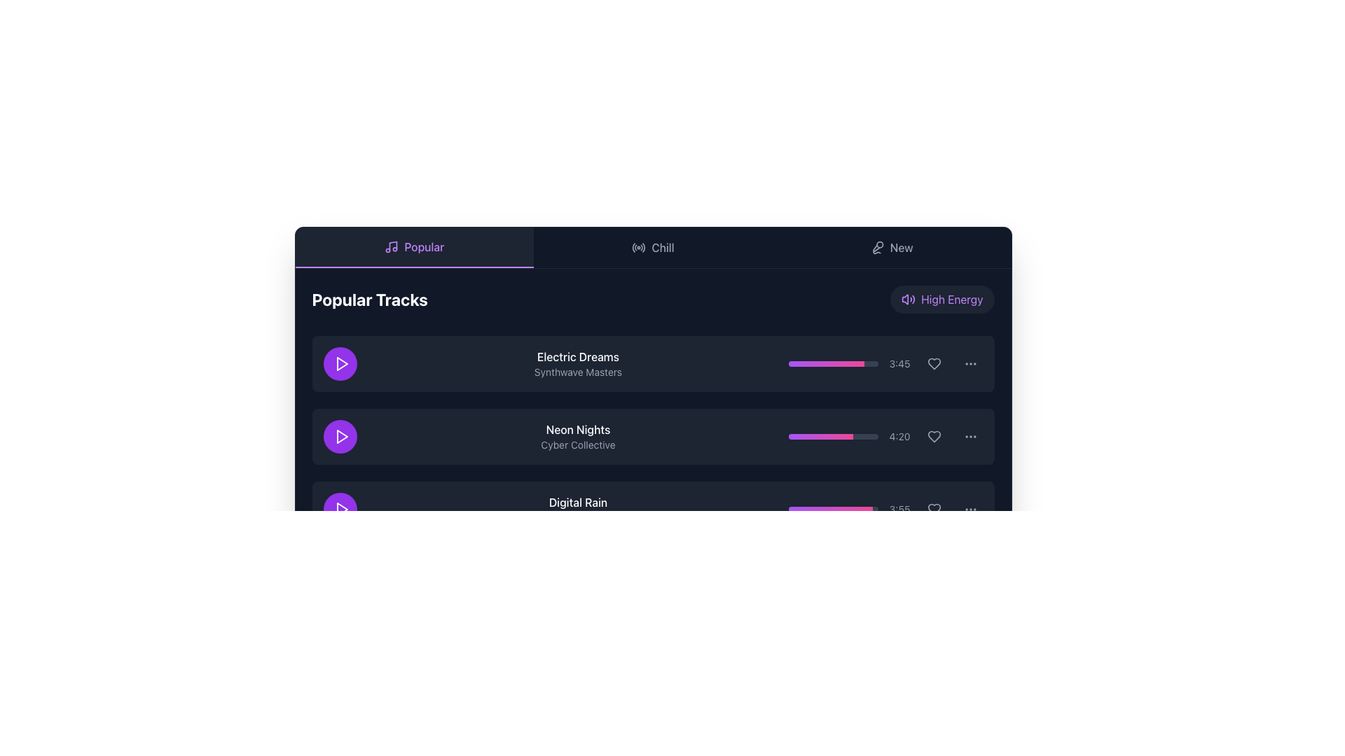 Image resolution: width=1345 pixels, height=756 pixels. What do you see at coordinates (846, 436) in the screenshot?
I see `progress` at bounding box center [846, 436].